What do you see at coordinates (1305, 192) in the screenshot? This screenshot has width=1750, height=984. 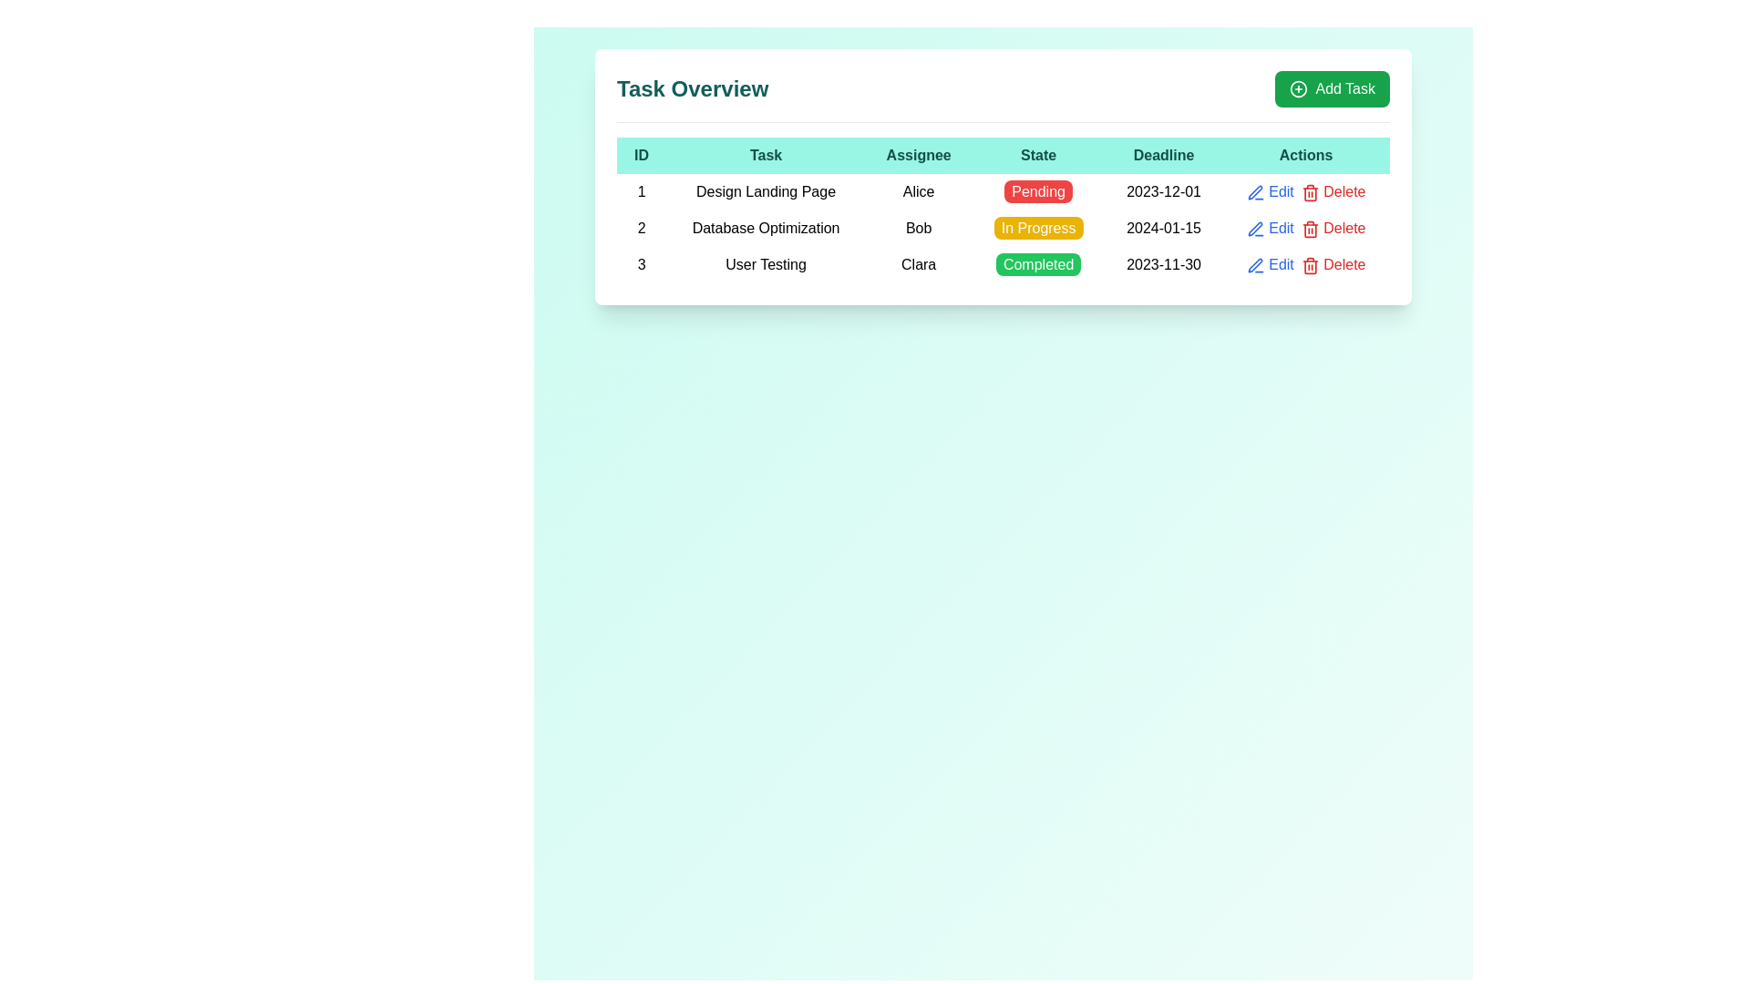 I see `the interactive text links 'Edit' and 'Delete' in the Actions column, which are accompanied by a pencil and trash bin icon` at bounding box center [1305, 192].